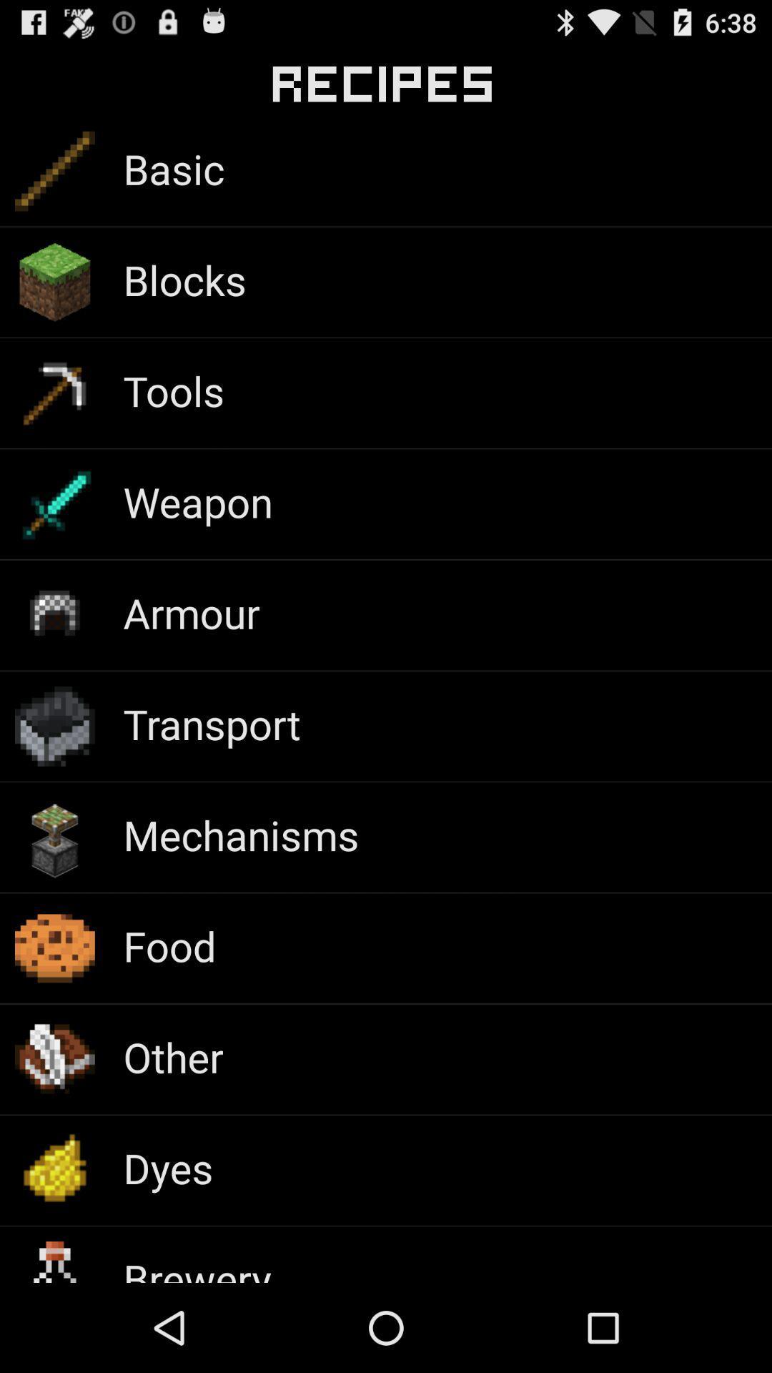 The height and width of the screenshot is (1373, 772). What do you see at coordinates (173, 168) in the screenshot?
I see `icon above the blocks app` at bounding box center [173, 168].